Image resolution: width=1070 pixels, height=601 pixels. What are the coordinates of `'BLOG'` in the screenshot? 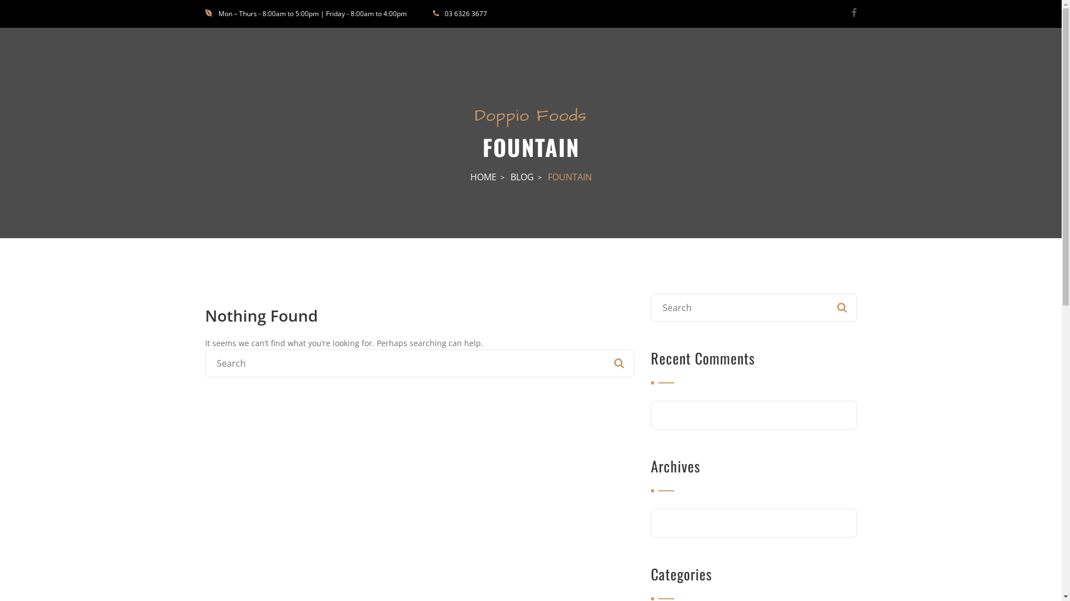 It's located at (521, 176).